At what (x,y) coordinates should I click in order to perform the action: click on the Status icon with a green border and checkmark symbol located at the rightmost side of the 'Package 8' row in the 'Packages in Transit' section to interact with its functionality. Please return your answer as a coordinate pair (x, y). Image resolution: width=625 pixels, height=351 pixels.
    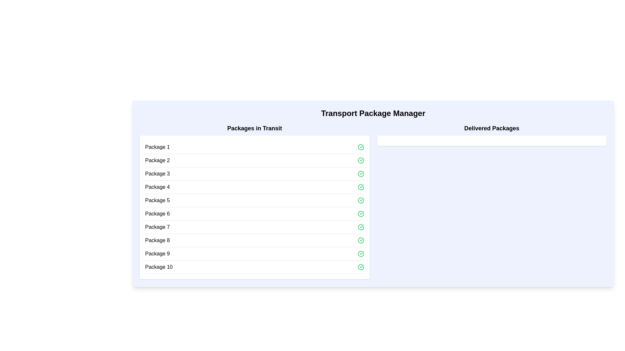
    Looking at the image, I should click on (360, 240).